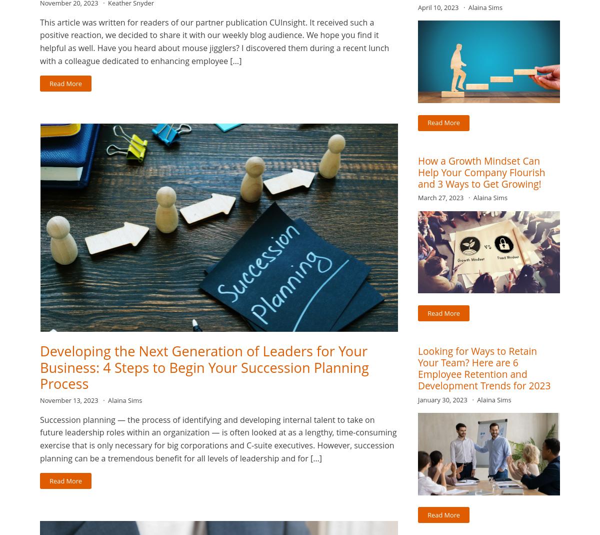 The width and height of the screenshot is (600, 535). I want to click on 'Succession planning — the process of identifying and developing internal talent to take on future leadership roles within an organization — is often looked at as a lengthy, time-consuming exercise that is only necessary for big corporations and C-suite executives. However, succession planning can be a tremendous benefit for all levels of leadership and for […]', so click(40, 438).